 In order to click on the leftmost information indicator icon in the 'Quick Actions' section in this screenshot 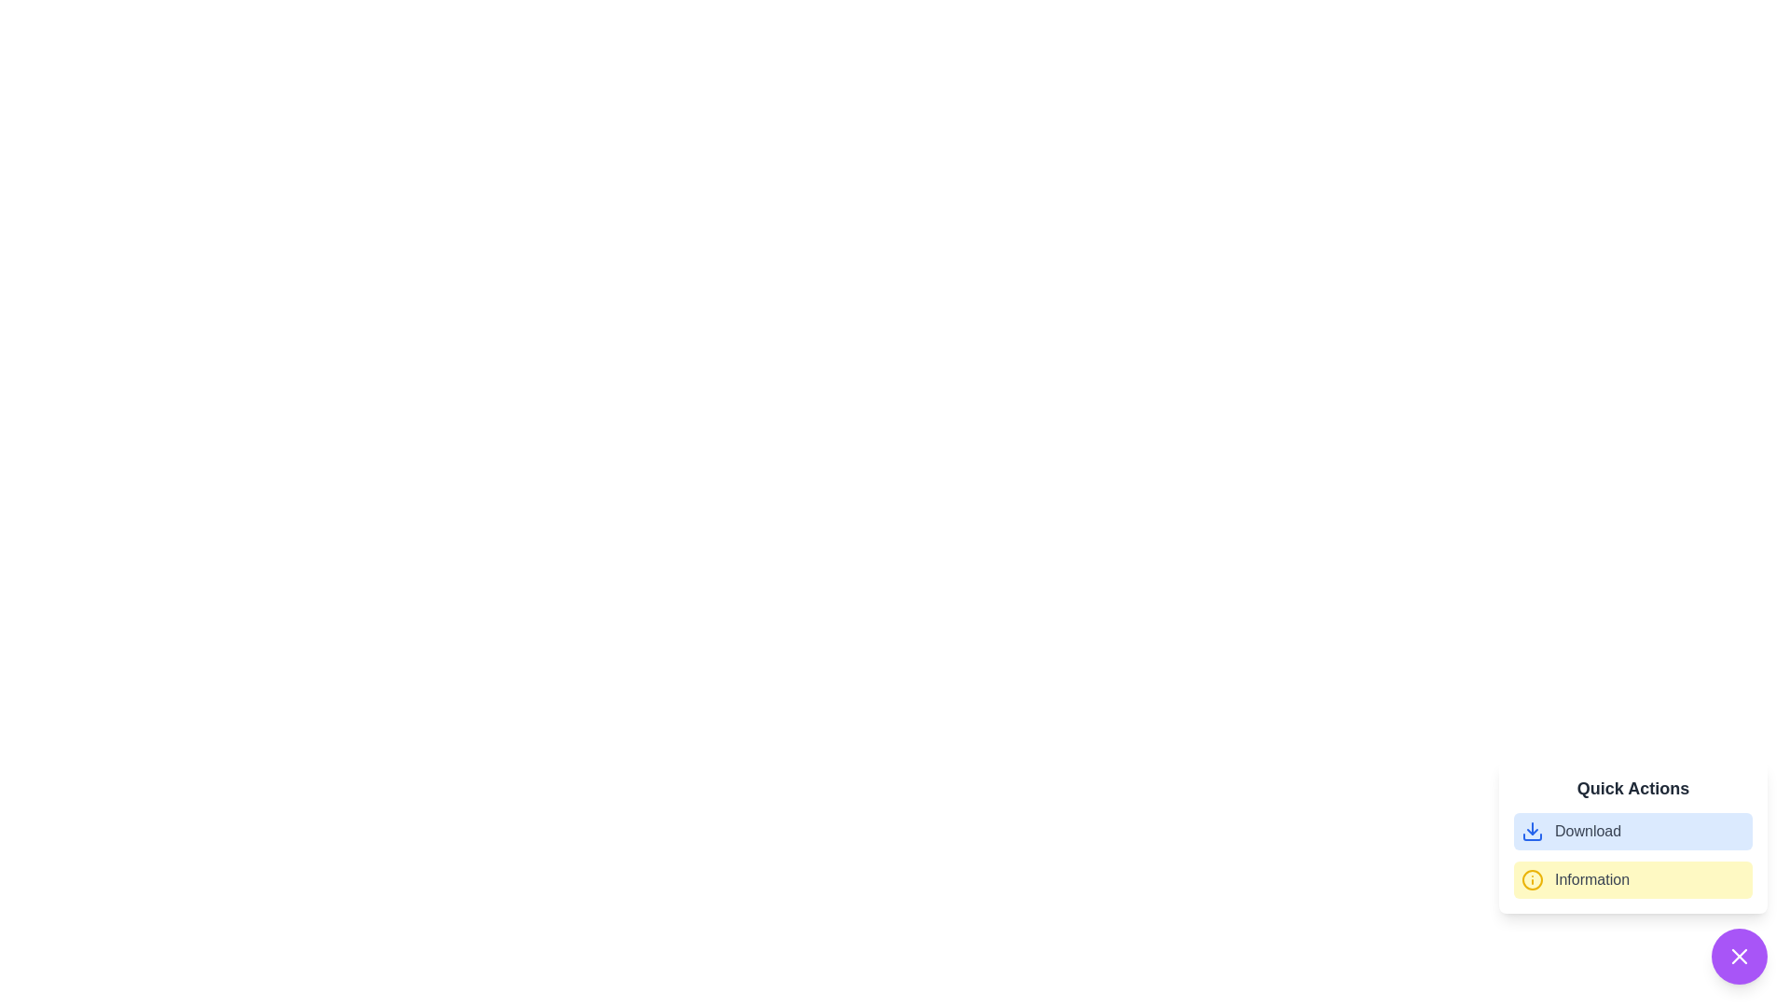, I will do `click(1532, 880)`.